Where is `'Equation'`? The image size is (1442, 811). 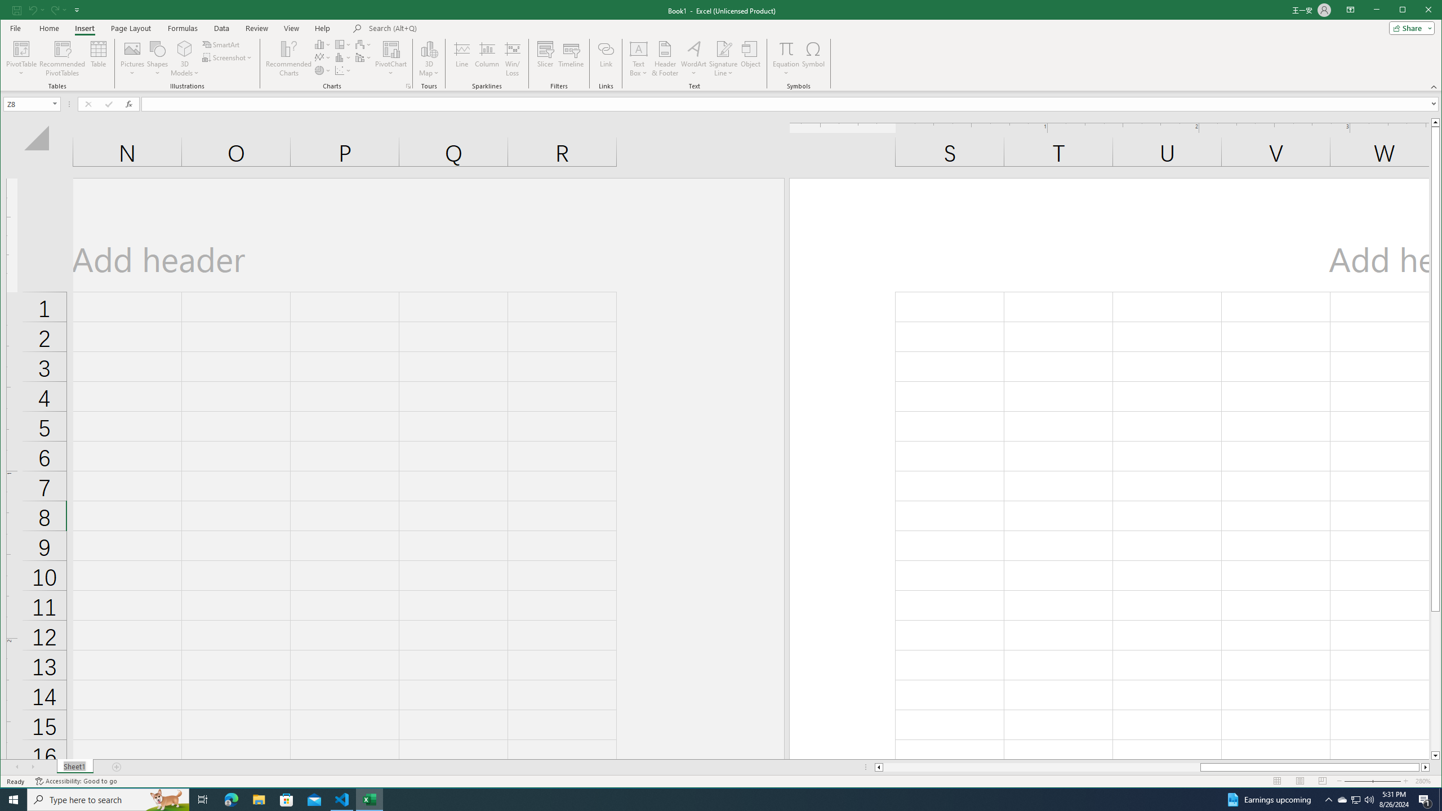 'Equation' is located at coordinates (785, 48).